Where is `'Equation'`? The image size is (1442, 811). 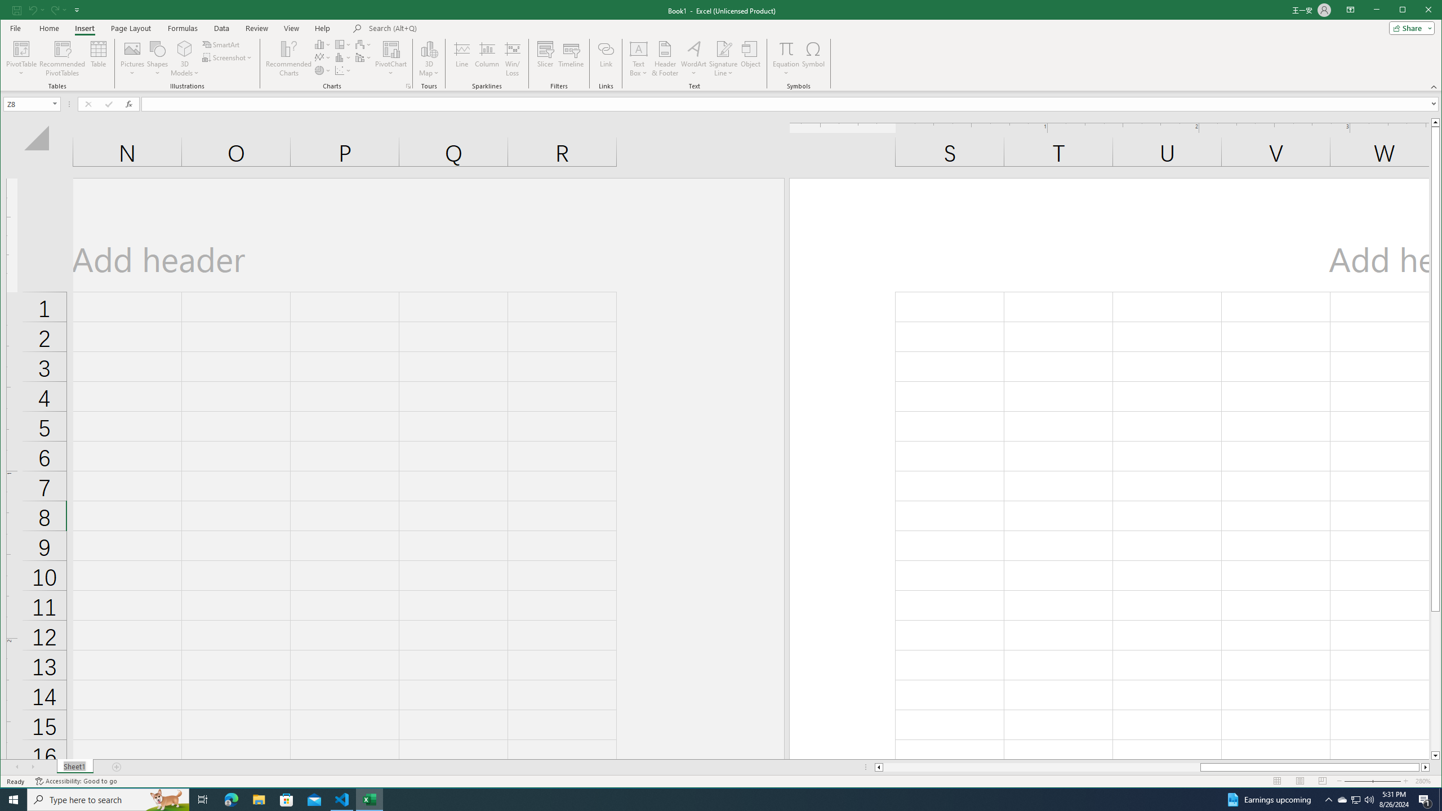 'Equation' is located at coordinates (785, 48).